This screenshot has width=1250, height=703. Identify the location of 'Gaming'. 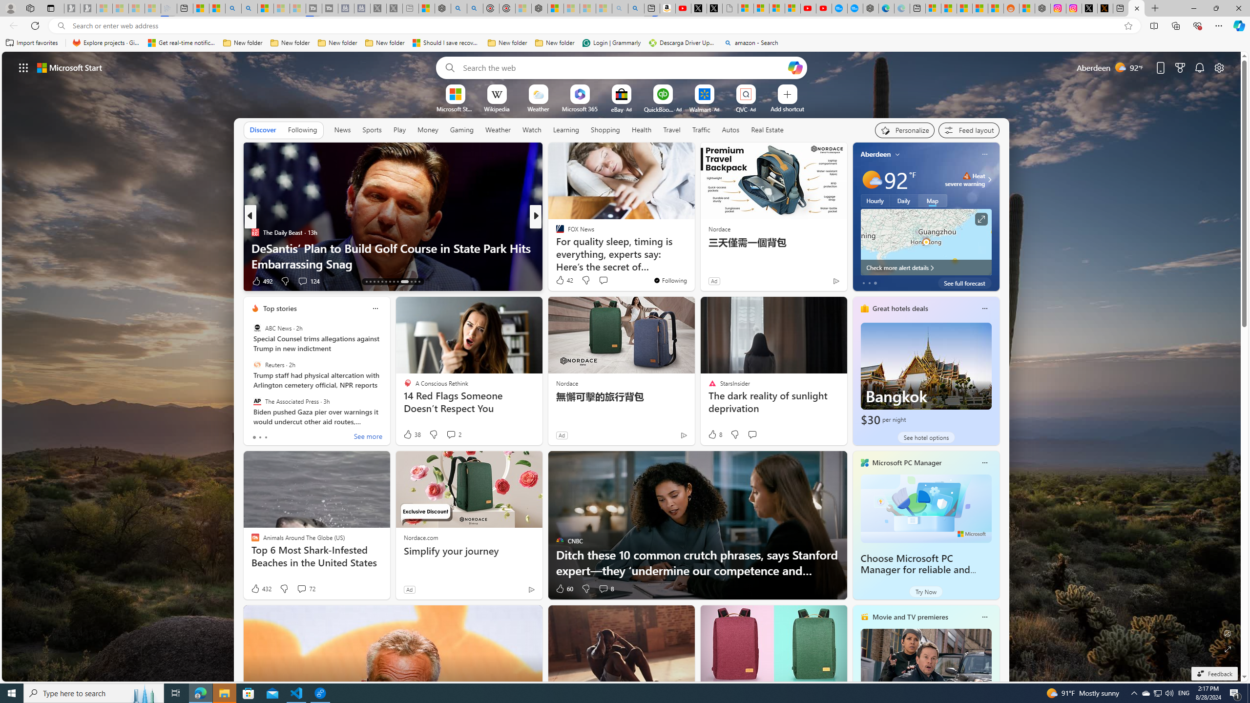
(461, 129).